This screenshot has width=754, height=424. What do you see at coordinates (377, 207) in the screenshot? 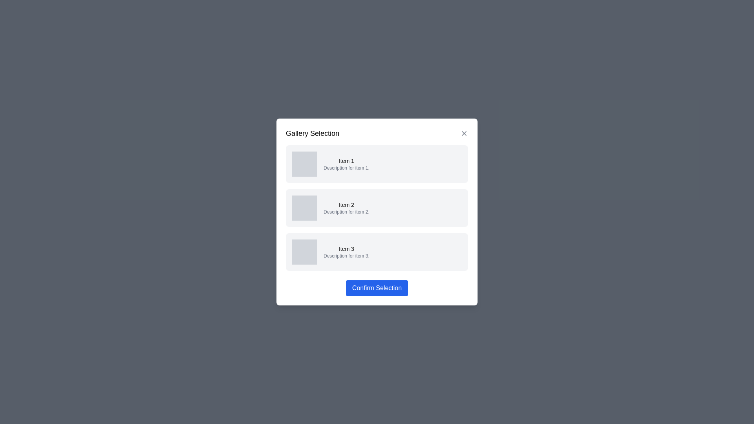
I see `the second selectable item in a vertically-stacked list of three items in the modal dialog` at bounding box center [377, 207].